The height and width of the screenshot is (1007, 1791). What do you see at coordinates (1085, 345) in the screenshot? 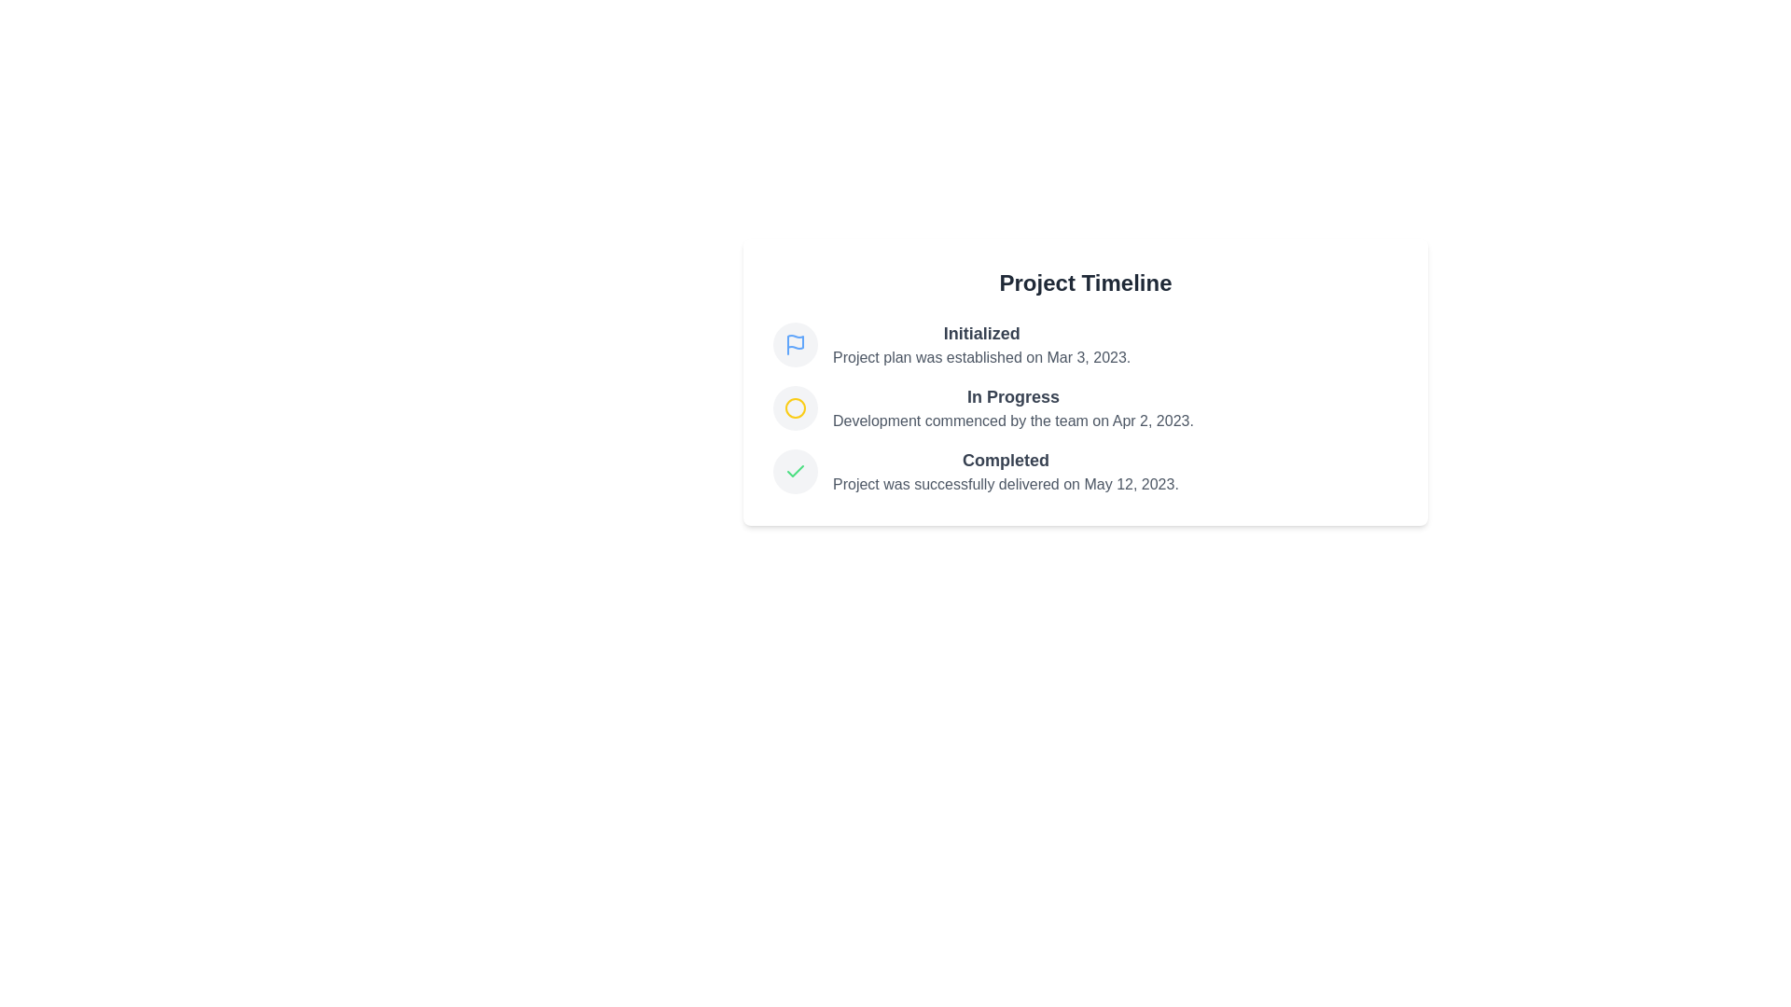
I see `the List item labeled 'Initialized' in the project timeline widget, which contains the description 'Project plan was established on Mar 3, 2023.'` at bounding box center [1085, 345].